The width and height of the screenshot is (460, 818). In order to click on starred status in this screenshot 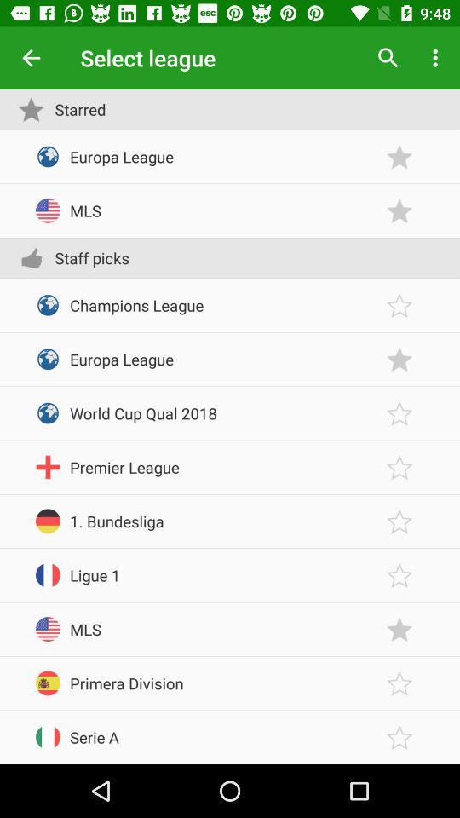, I will do `click(400, 210)`.